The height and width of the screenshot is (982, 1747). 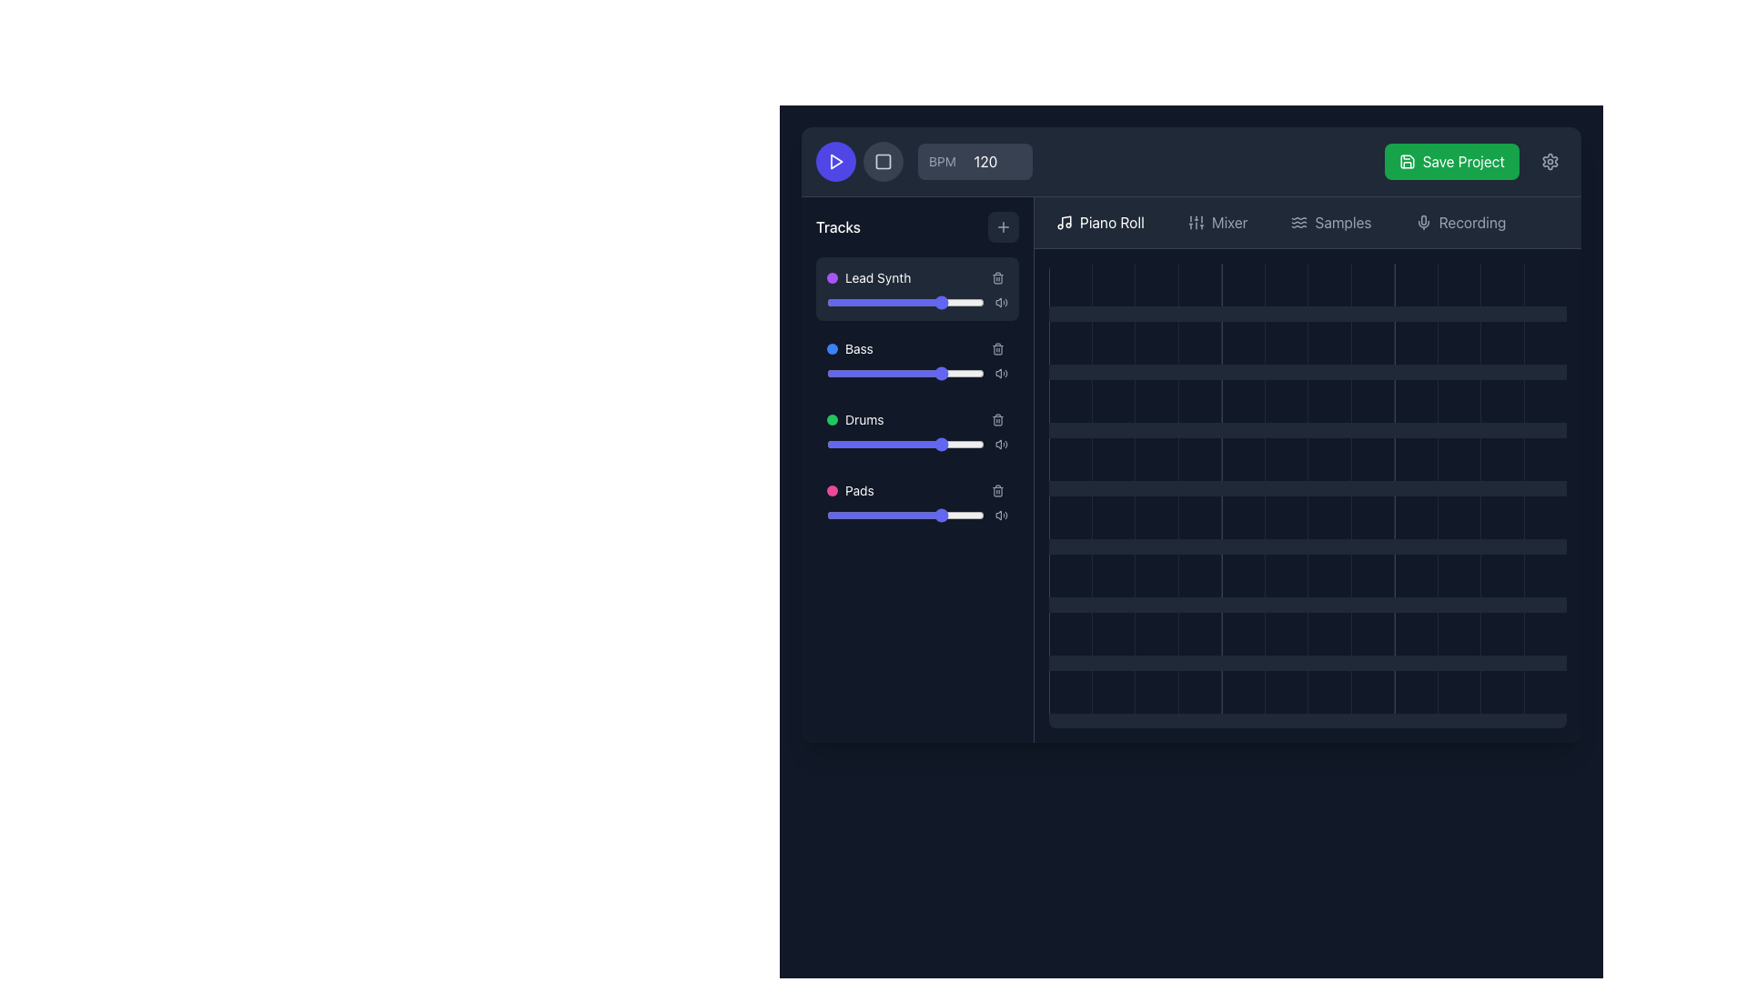 I want to click on the small circular blue indicator positioned to the left of the text 'Bass' in the Tracks section of the UI, so click(x=832, y=349).